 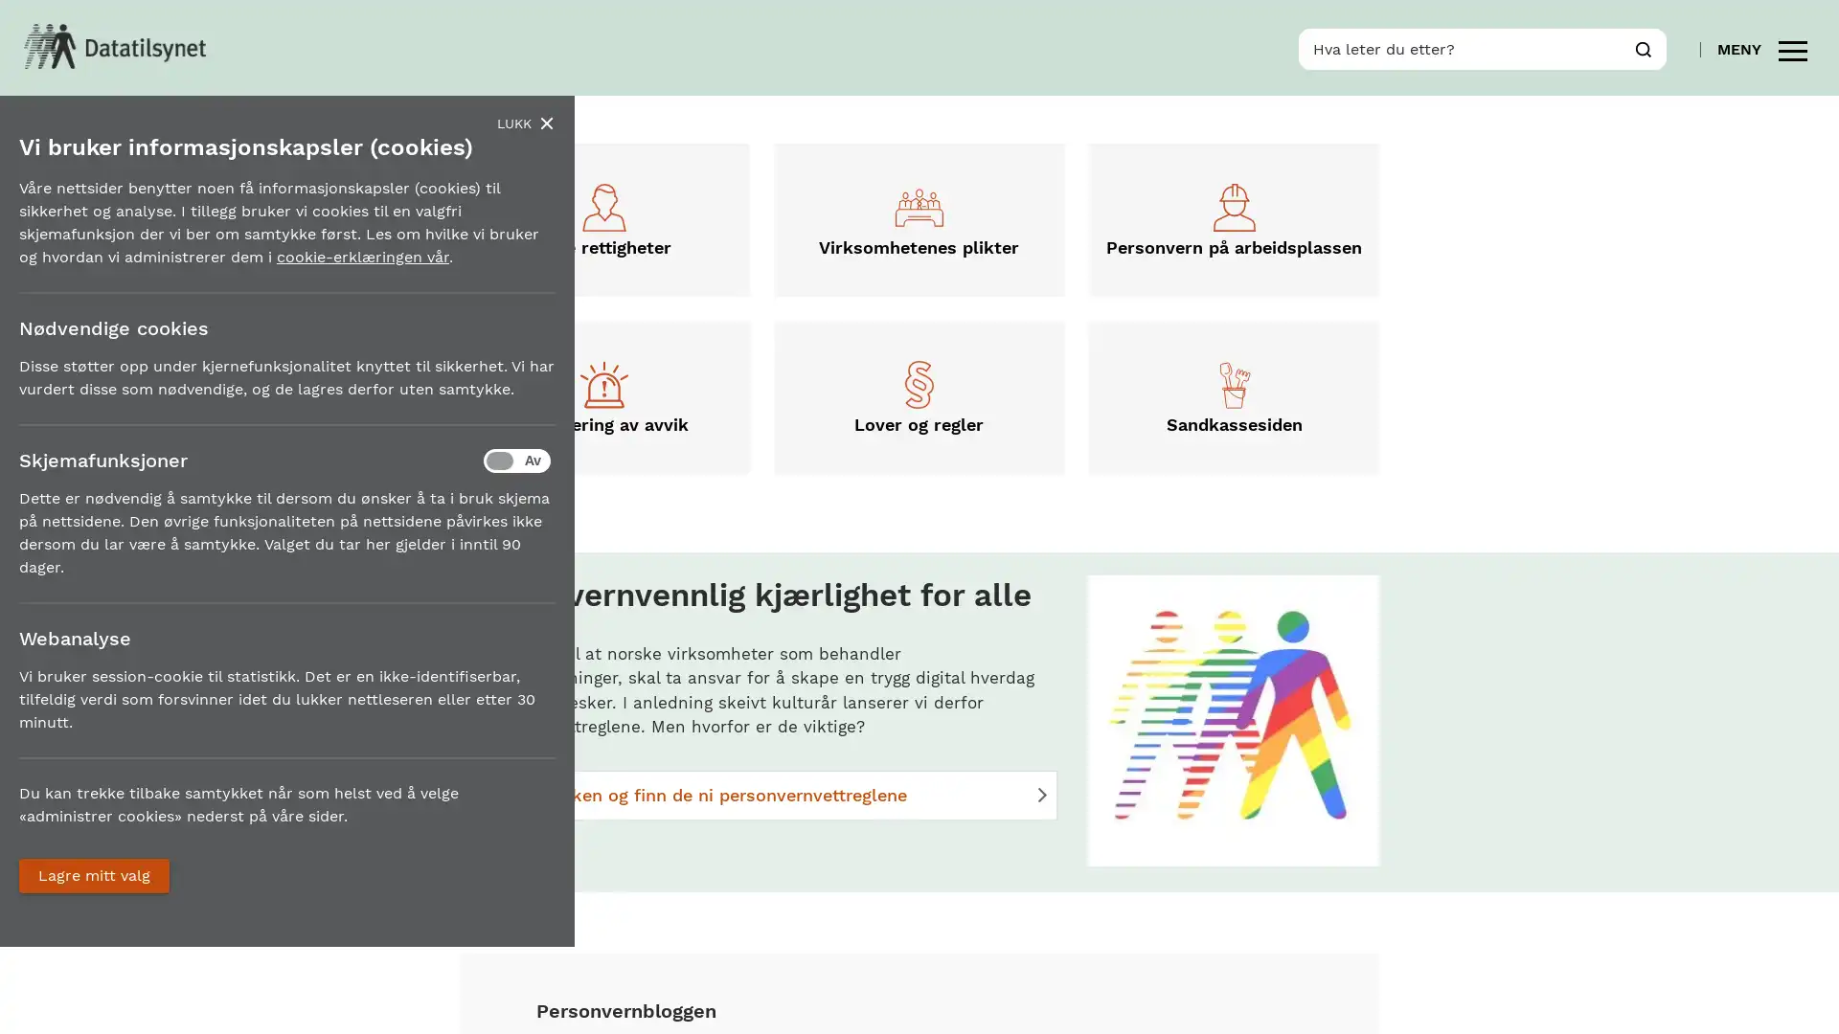 I want to click on MENY VIS/SKJUL MENY, so click(x=1761, y=47).